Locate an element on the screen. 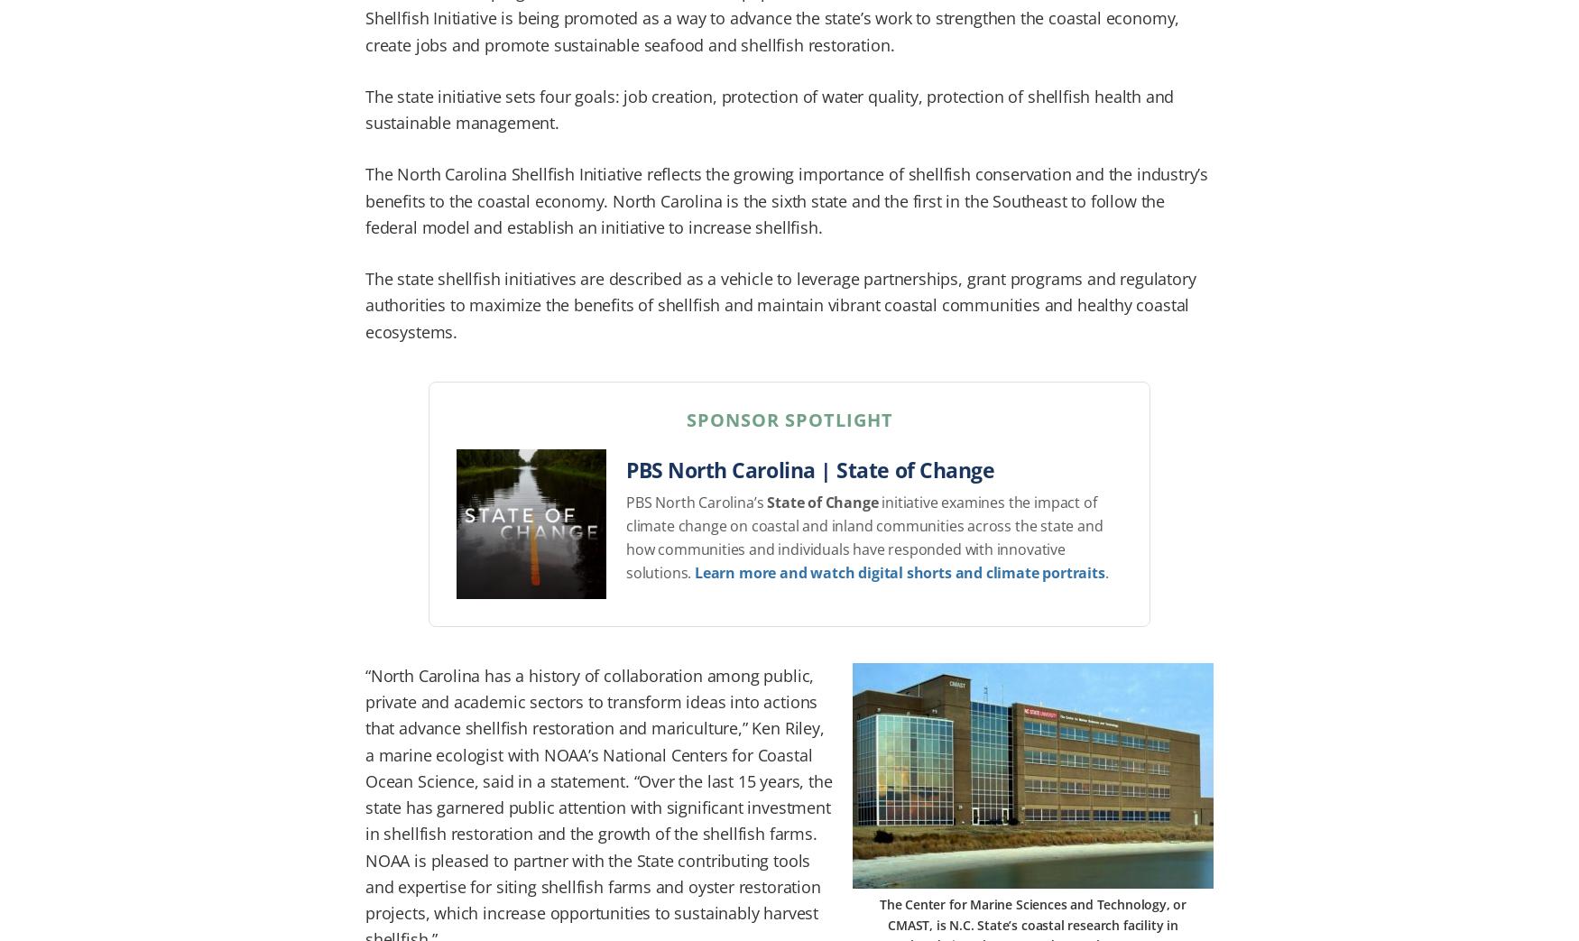 Image resolution: width=1579 pixels, height=941 pixels. 'initiative examines the impact of climate change on coastal and inland communities across the state and how communities and individuals have responded with innovative solutions.' is located at coordinates (863, 537).